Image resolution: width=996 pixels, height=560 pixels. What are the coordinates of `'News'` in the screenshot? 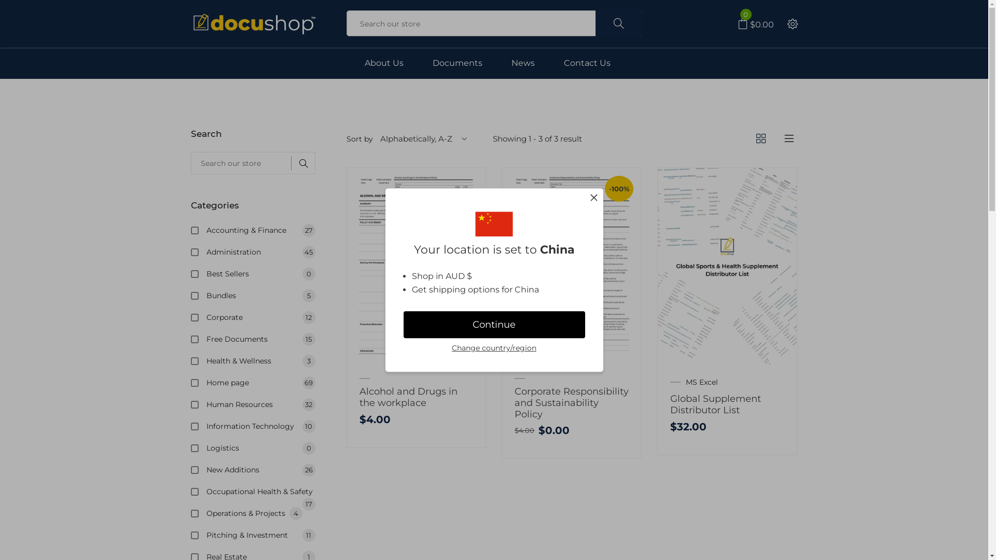 It's located at (523, 63).